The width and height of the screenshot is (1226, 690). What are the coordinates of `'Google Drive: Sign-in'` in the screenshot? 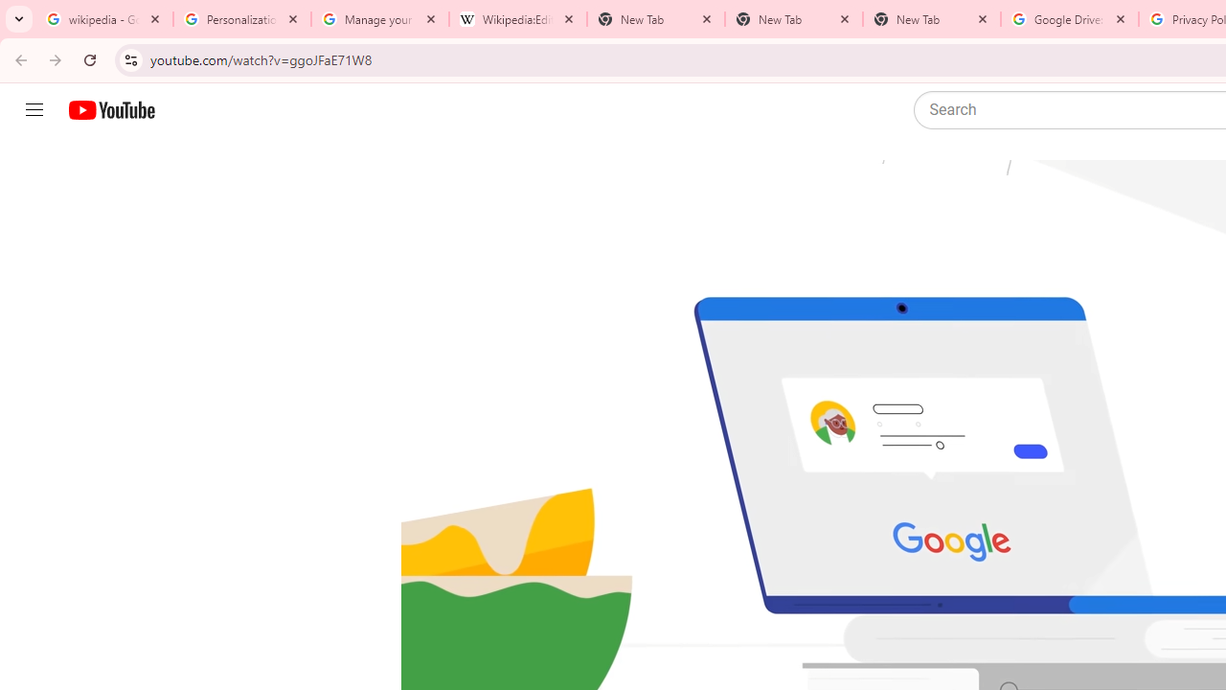 It's located at (1068, 19).